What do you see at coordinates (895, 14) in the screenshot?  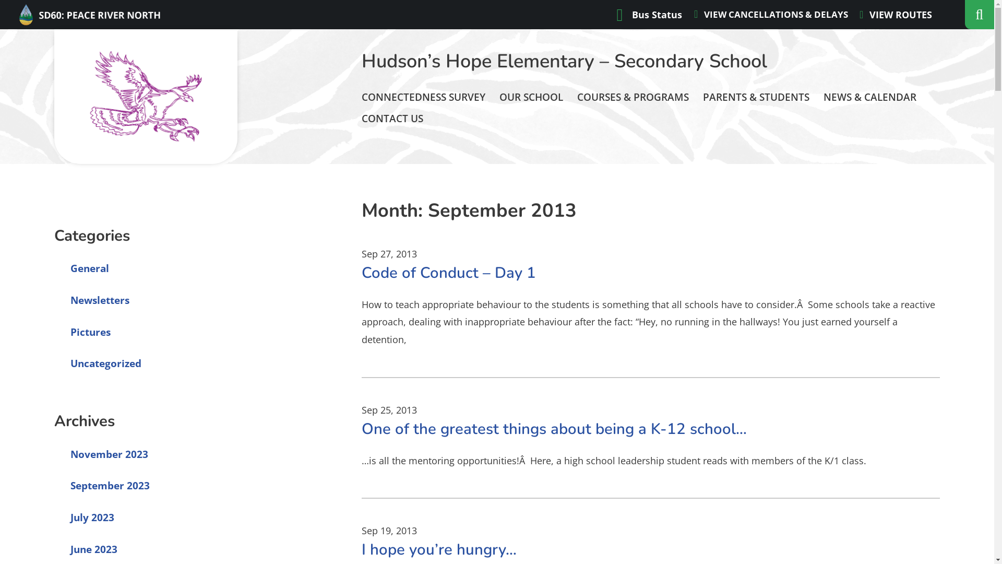 I see `'VIEW ROUTES'` at bounding box center [895, 14].